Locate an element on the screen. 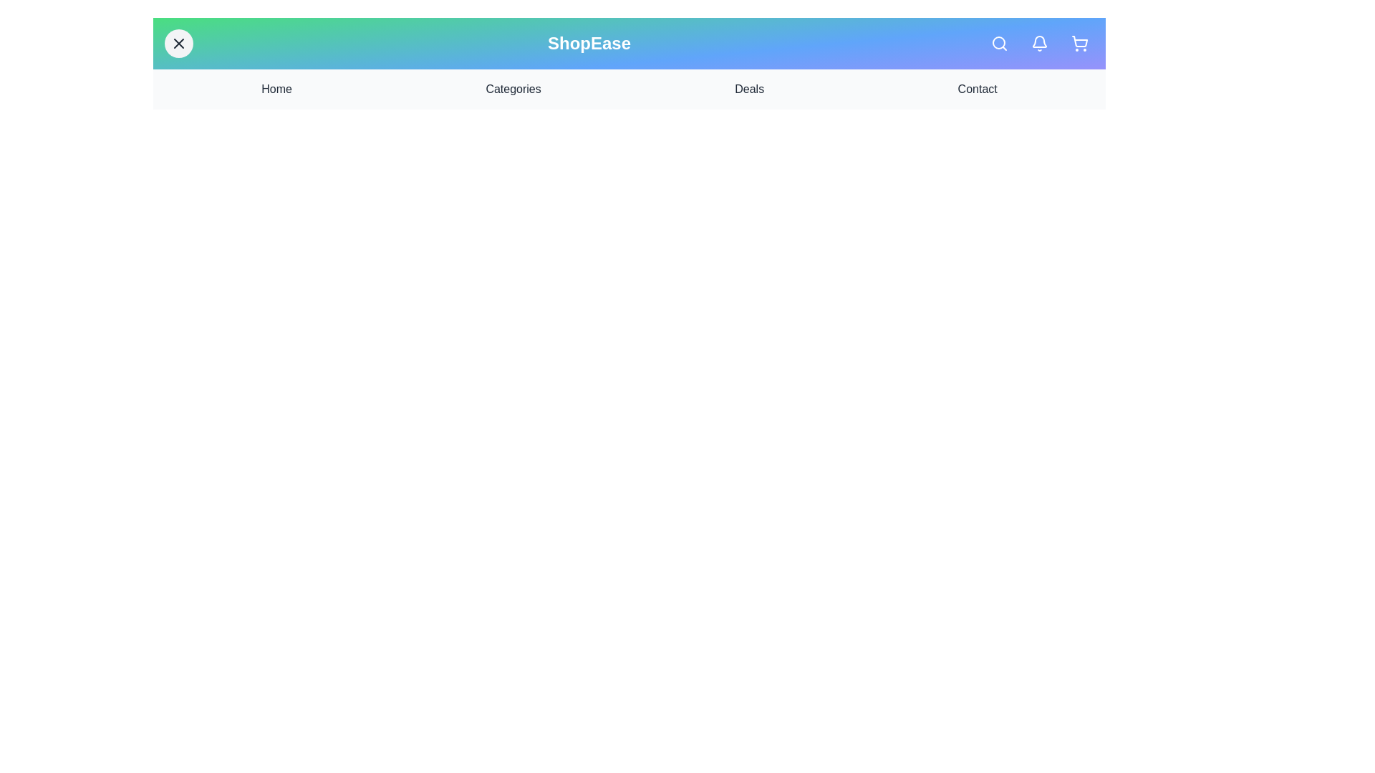 This screenshot has height=773, width=1375. the search icon in the navigation bar is located at coordinates (998, 43).